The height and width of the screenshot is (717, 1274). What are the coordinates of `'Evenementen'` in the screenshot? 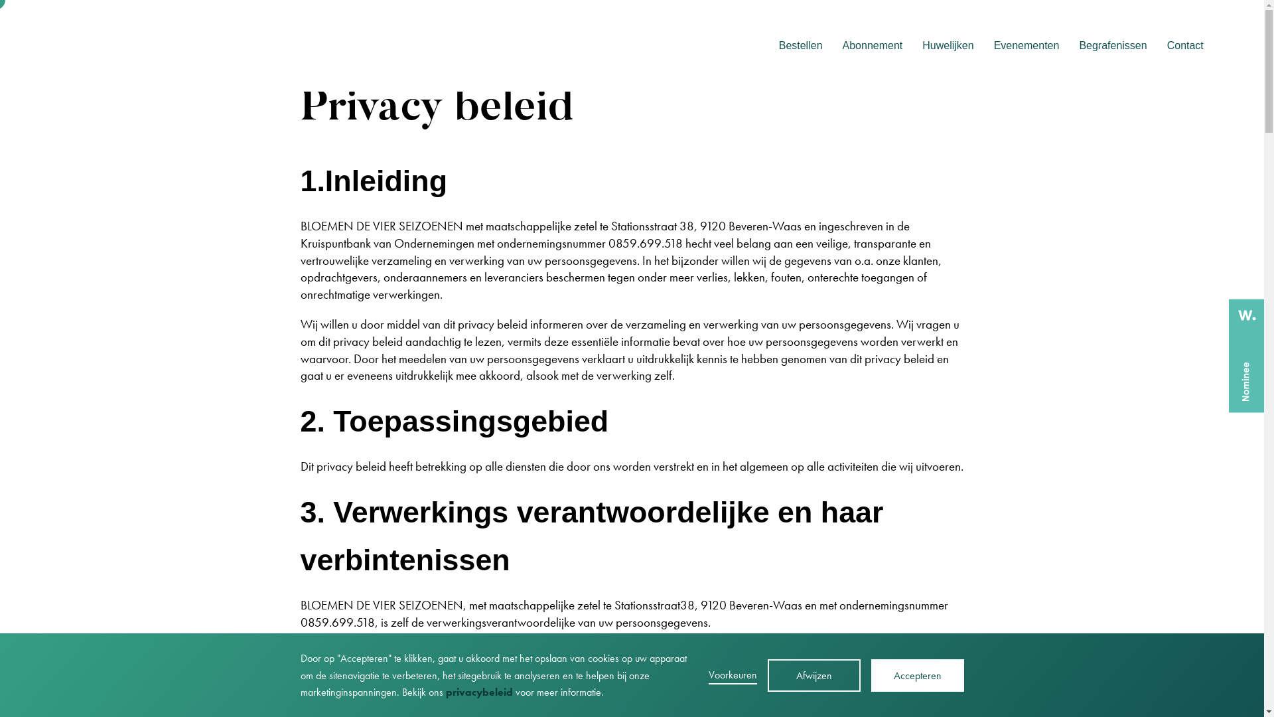 It's located at (1026, 45).